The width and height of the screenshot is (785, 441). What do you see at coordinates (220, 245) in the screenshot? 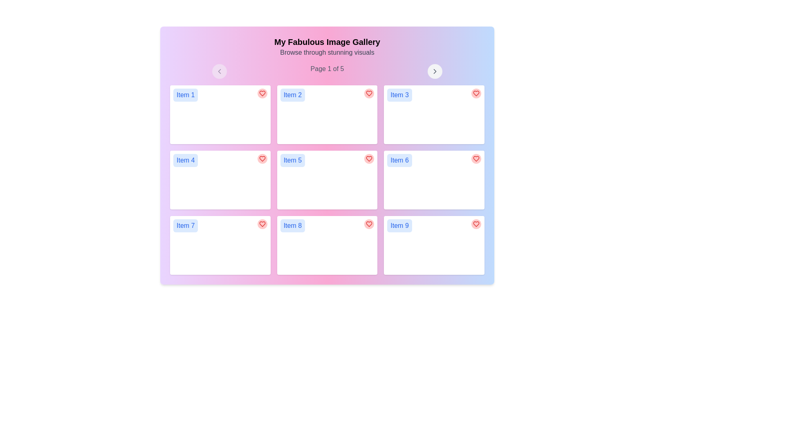
I see `the card element displaying content related to 'Item 7', located in the third row, first column of a 3x3 grid layout` at bounding box center [220, 245].